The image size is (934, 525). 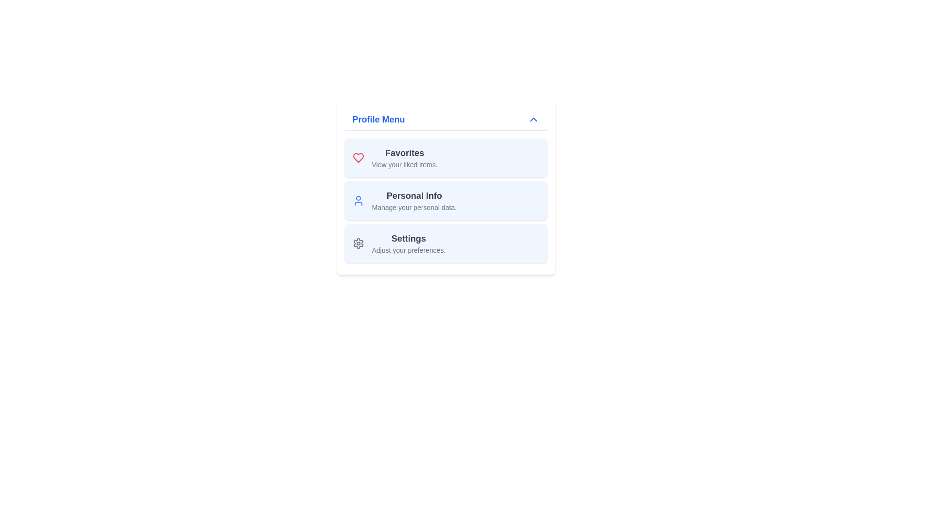 What do you see at coordinates (405, 157) in the screenshot?
I see `the 'Favorites' menu item, which is a labeled element with a bold title and a description, located in the Profile Menu section` at bounding box center [405, 157].